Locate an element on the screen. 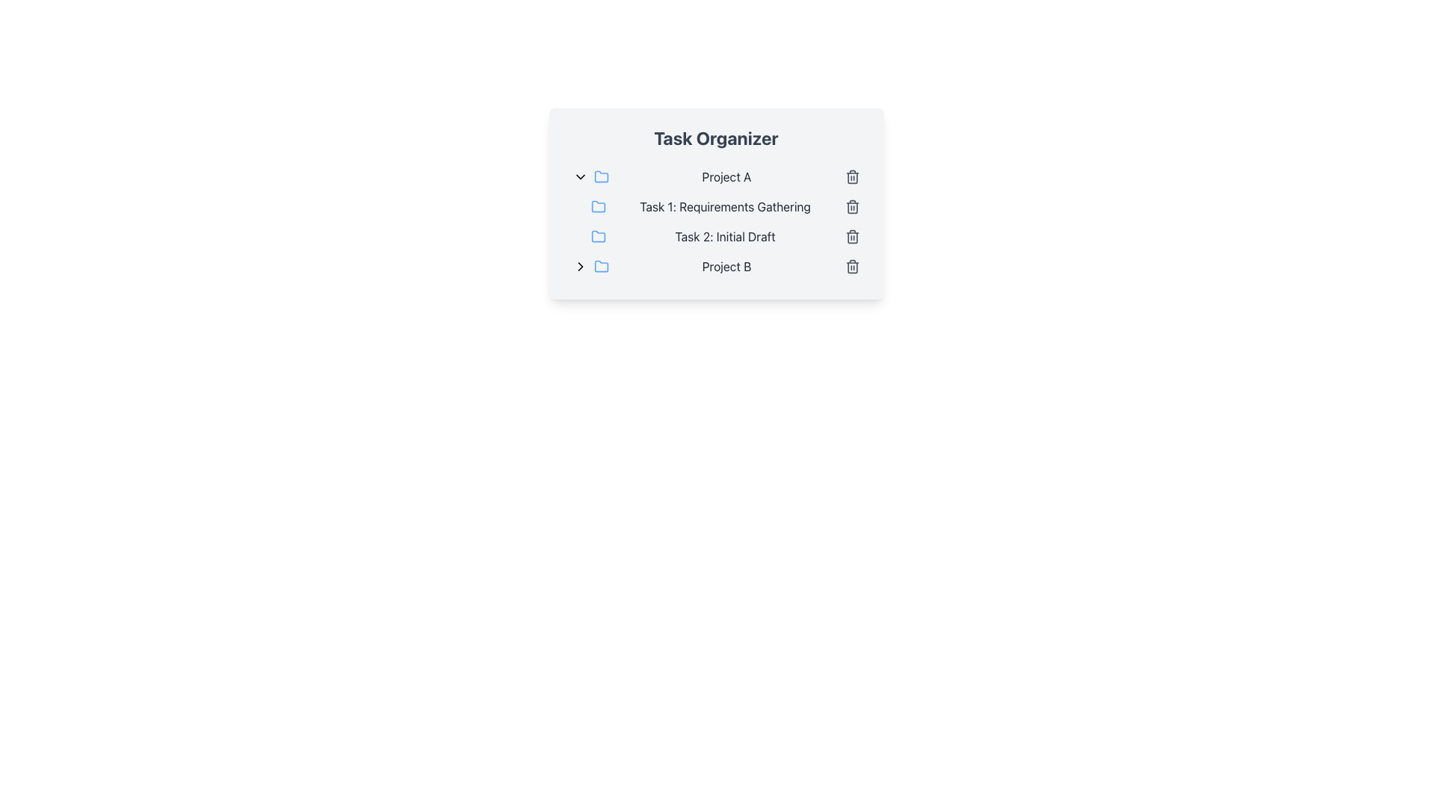 This screenshot has height=807, width=1435. a task or project within the central Content Panel is located at coordinates (715, 204).